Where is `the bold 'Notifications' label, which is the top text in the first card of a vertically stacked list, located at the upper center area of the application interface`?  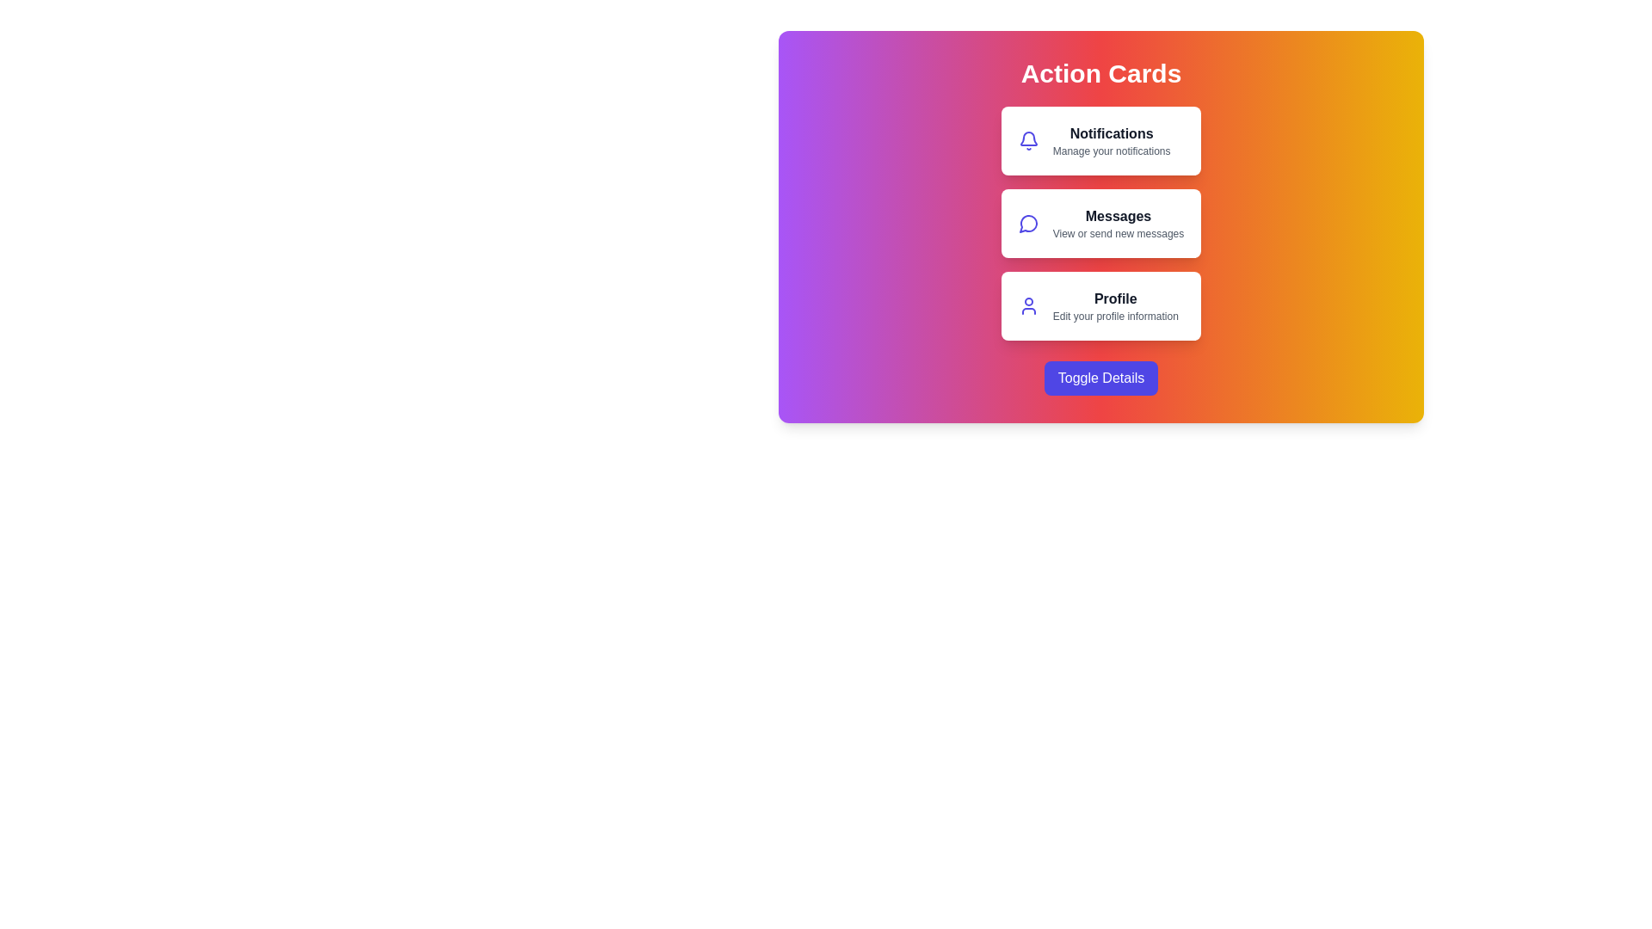 the bold 'Notifications' label, which is the top text in the first card of a vertically stacked list, located at the upper center area of the application interface is located at coordinates (1112, 132).